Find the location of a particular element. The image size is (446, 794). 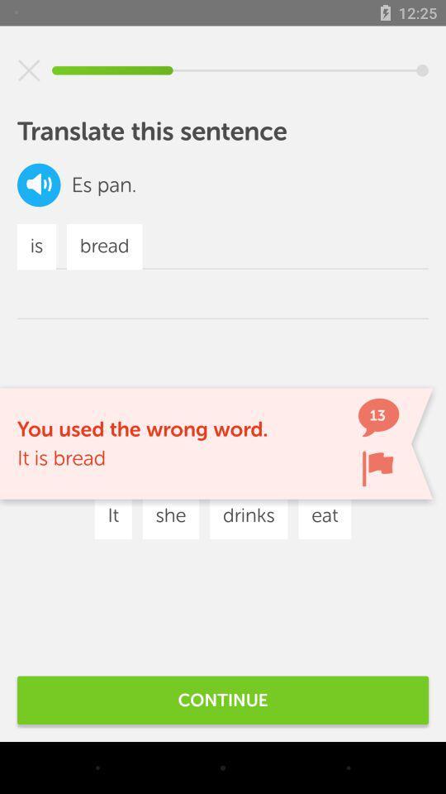

the icon below translate this sentence is located at coordinates (39, 184).